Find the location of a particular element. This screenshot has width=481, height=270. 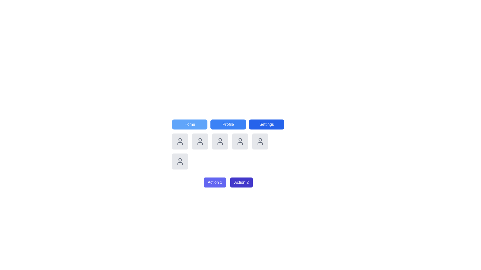

the user icon within the light gray circular background, which is located is located at coordinates (180, 161).